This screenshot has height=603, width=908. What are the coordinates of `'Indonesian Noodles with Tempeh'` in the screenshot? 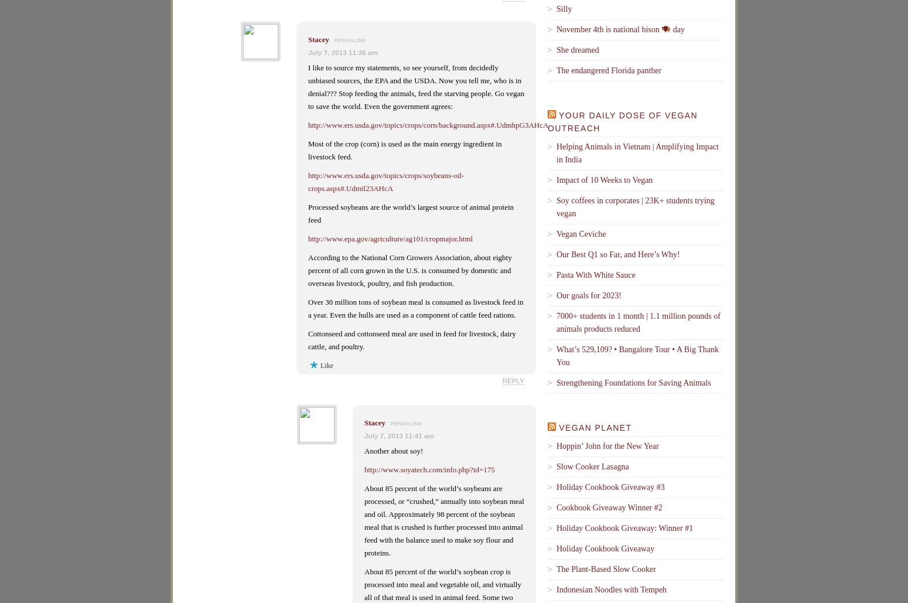 It's located at (611, 588).